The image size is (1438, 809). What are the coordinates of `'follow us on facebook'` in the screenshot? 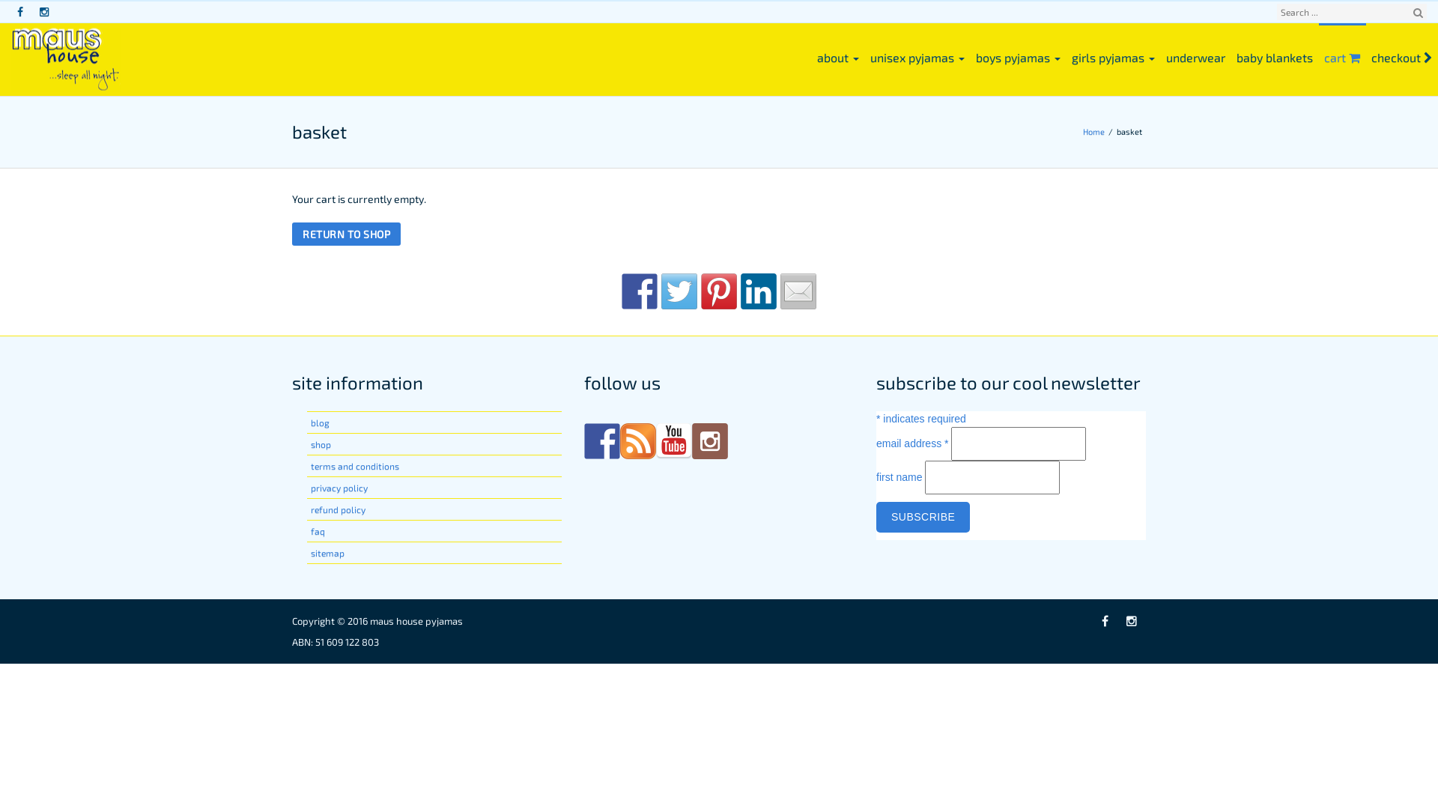 It's located at (583, 440).